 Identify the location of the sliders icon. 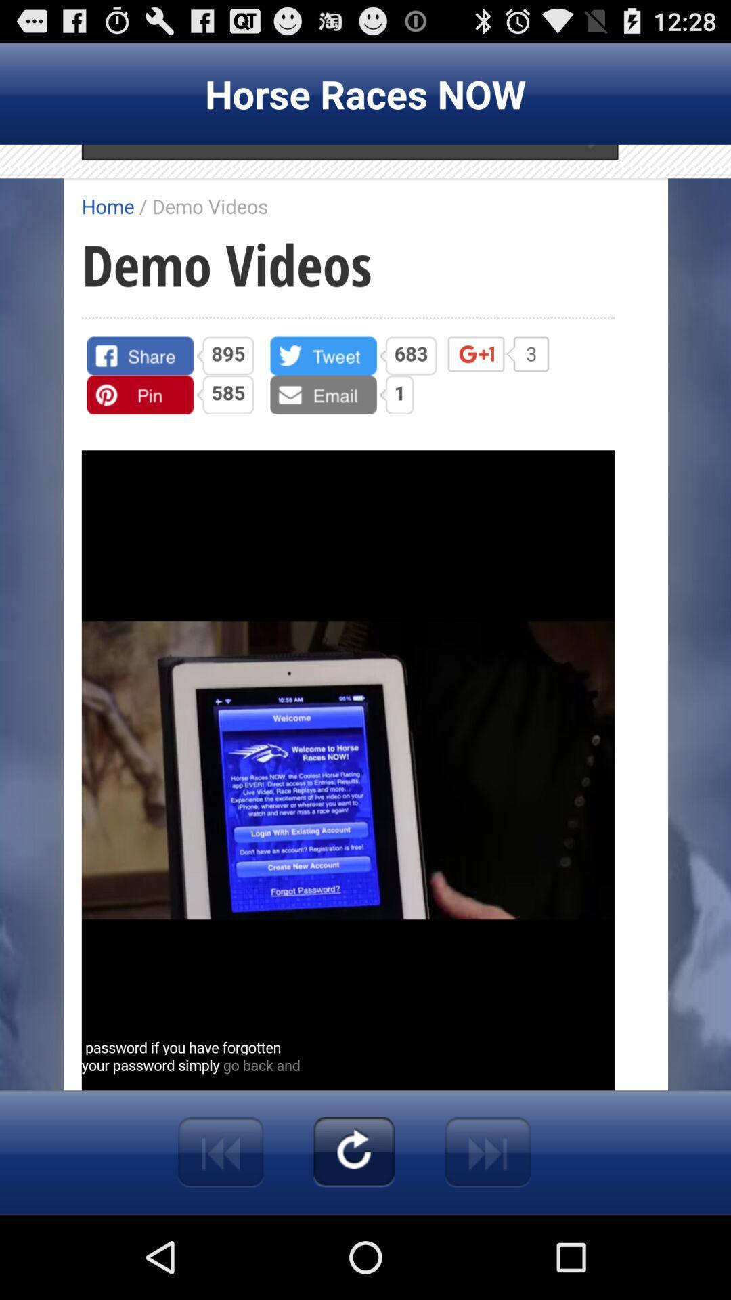
(219, 1233).